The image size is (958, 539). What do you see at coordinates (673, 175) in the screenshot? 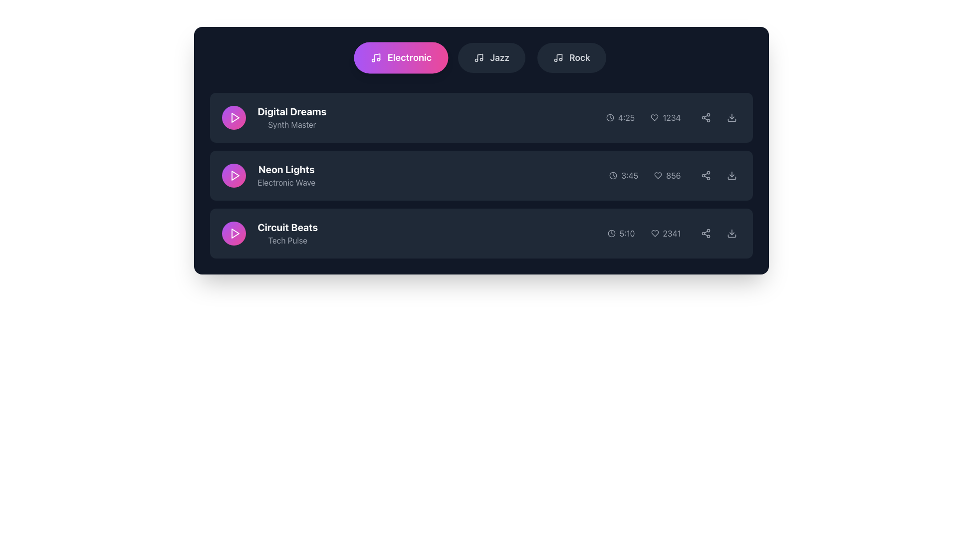
I see `the text label displaying '856', which is located in the second row of a list, to the right of a heart icon` at bounding box center [673, 175].